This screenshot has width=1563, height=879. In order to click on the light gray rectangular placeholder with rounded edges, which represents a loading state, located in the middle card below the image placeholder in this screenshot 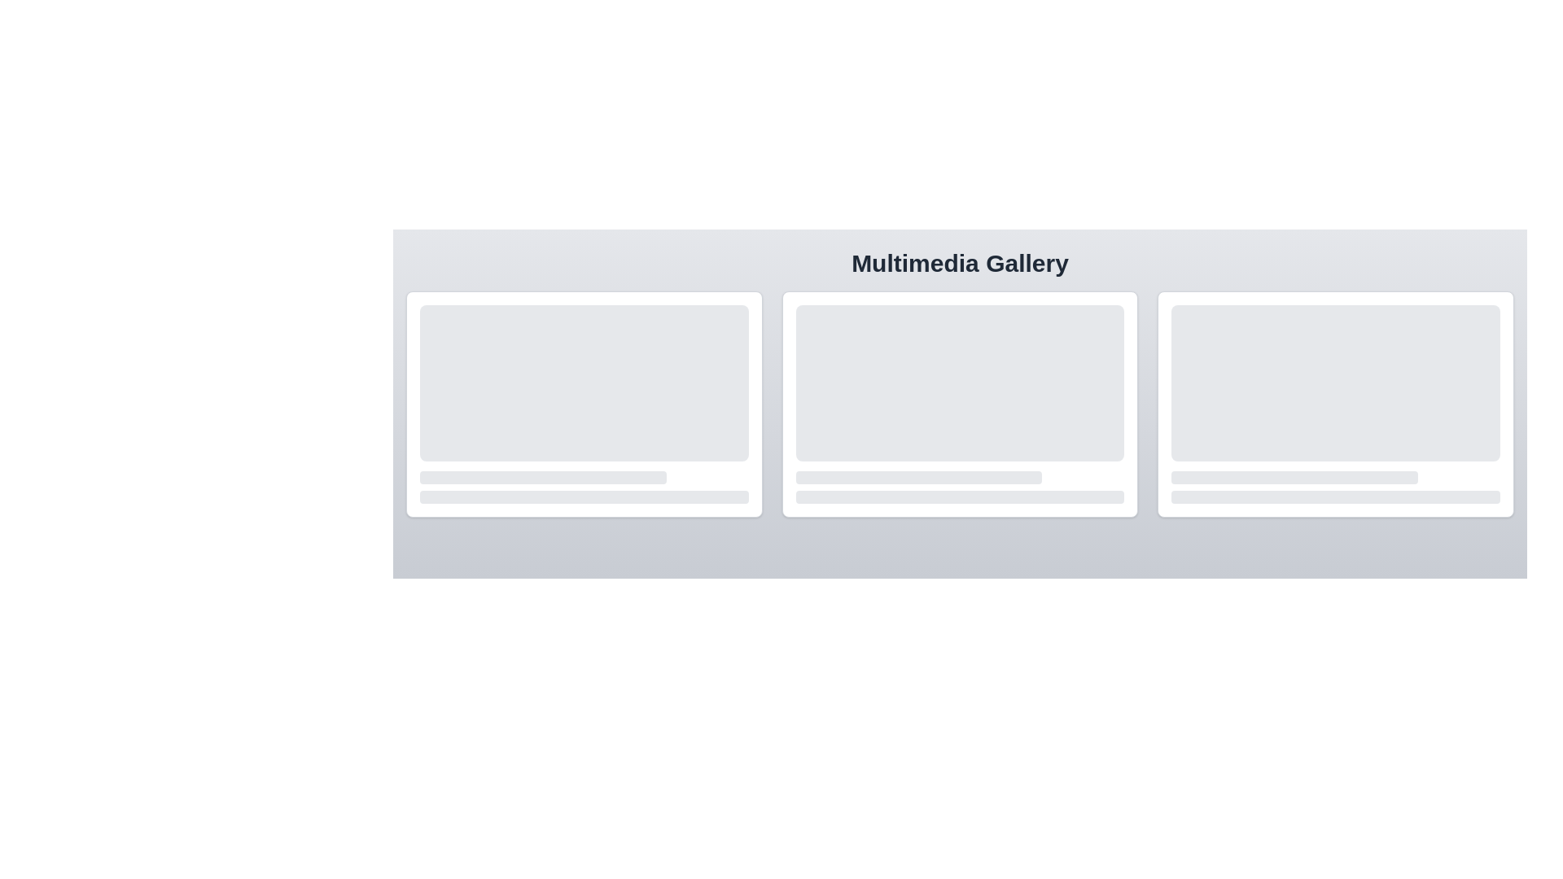, I will do `click(960, 476)`.